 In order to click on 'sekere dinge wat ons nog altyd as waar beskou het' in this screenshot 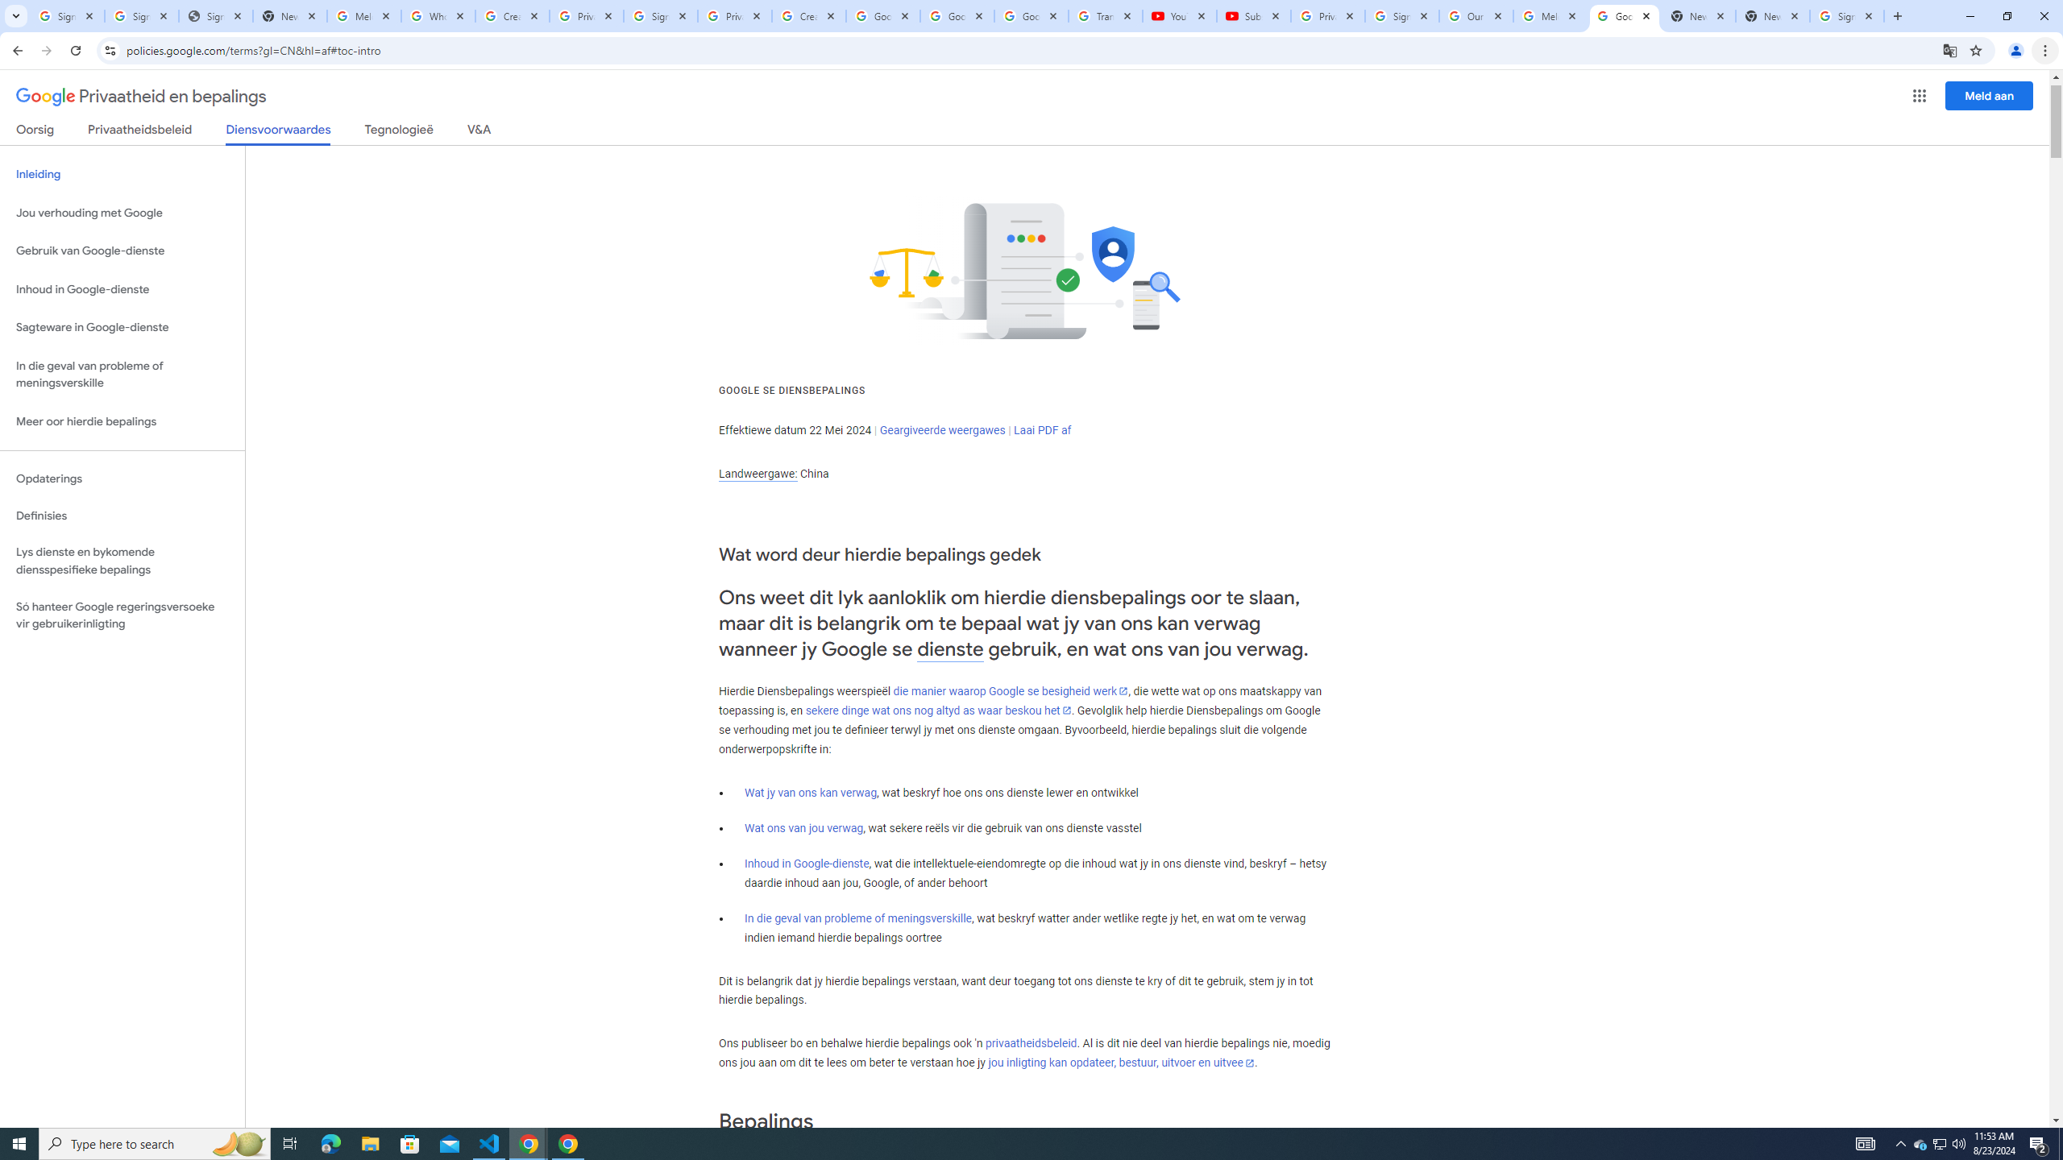, I will do `click(937, 710)`.